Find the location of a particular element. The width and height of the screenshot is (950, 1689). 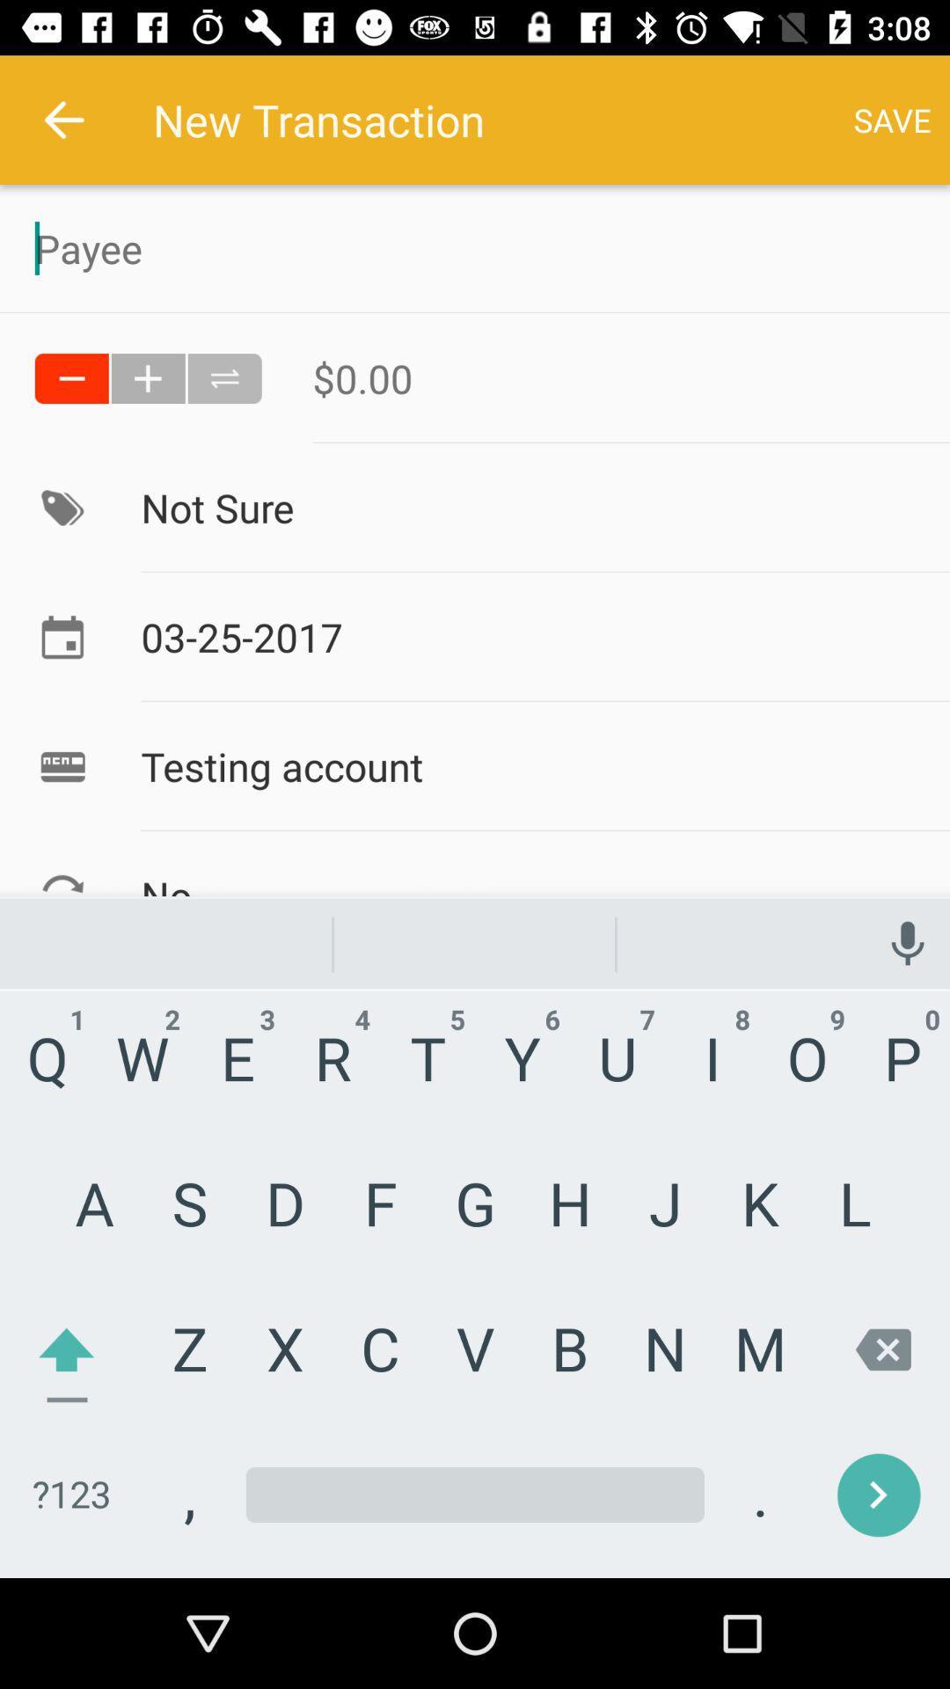

the arrow_forward icon is located at coordinates (836, 1471).